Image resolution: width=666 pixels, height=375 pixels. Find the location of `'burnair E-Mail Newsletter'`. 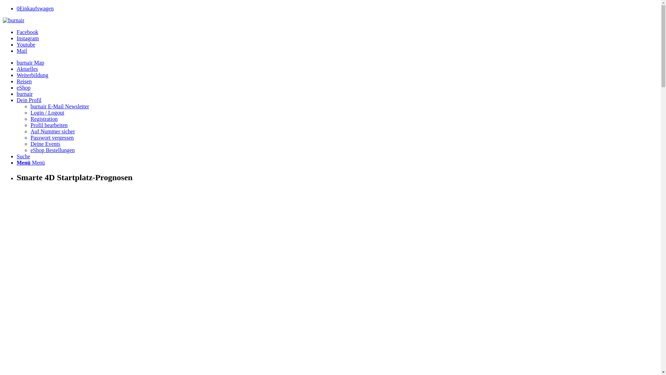

'burnair E-Mail Newsletter' is located at coordinates (60, 106).